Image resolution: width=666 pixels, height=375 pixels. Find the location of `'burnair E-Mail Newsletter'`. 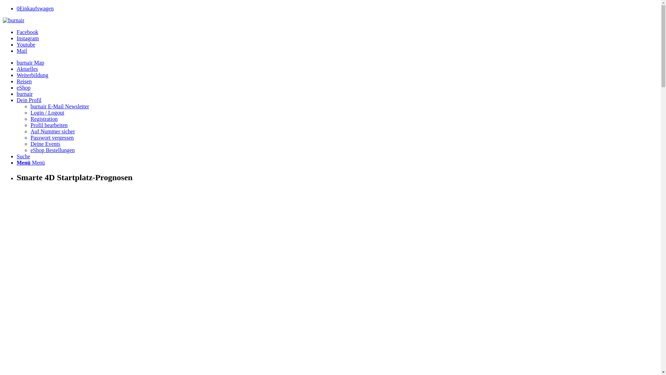

'burnair E-Mail Newsletter' is located at coordinates (60, 106).